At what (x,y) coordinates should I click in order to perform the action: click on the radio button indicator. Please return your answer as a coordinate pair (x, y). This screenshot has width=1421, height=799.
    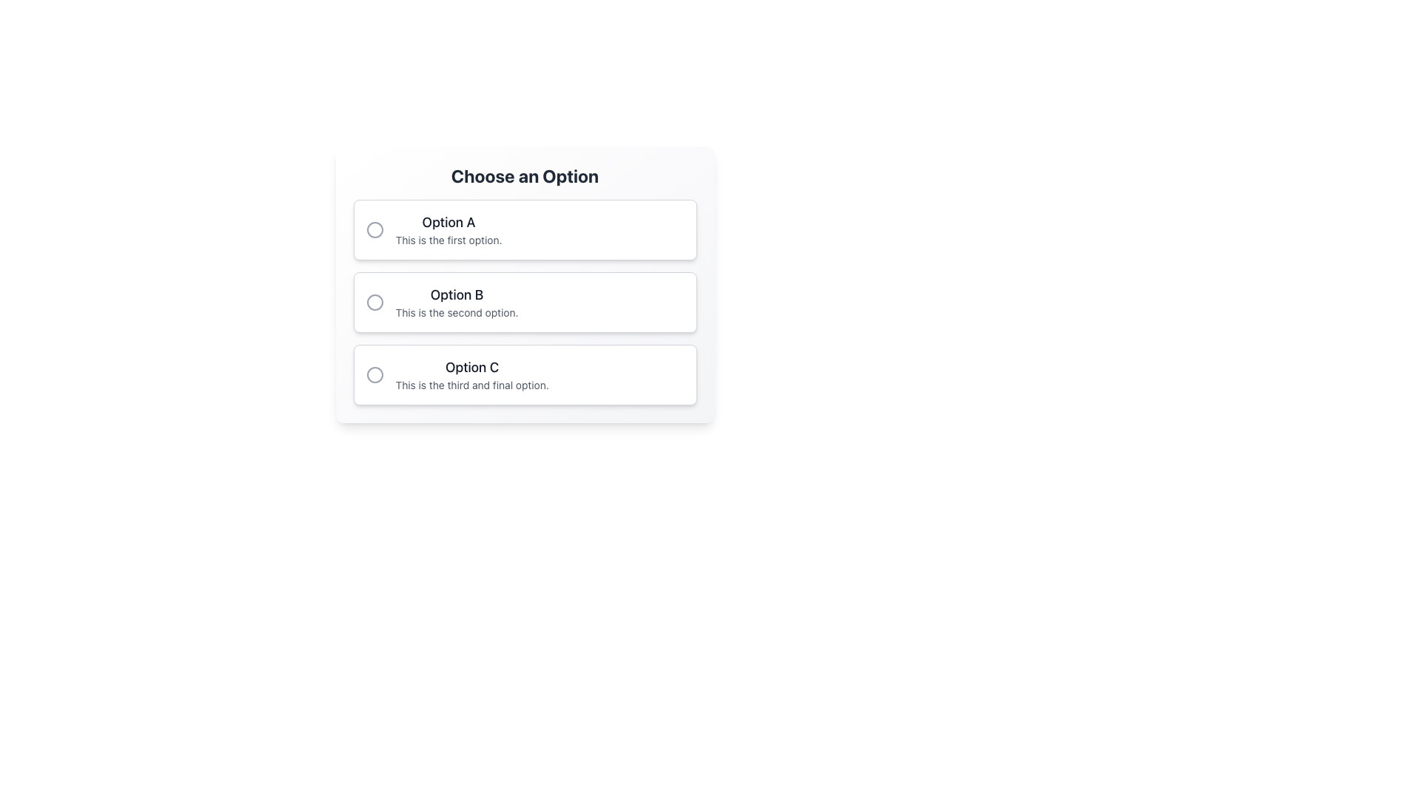
    Looking at the image, I should click on (374, 230).